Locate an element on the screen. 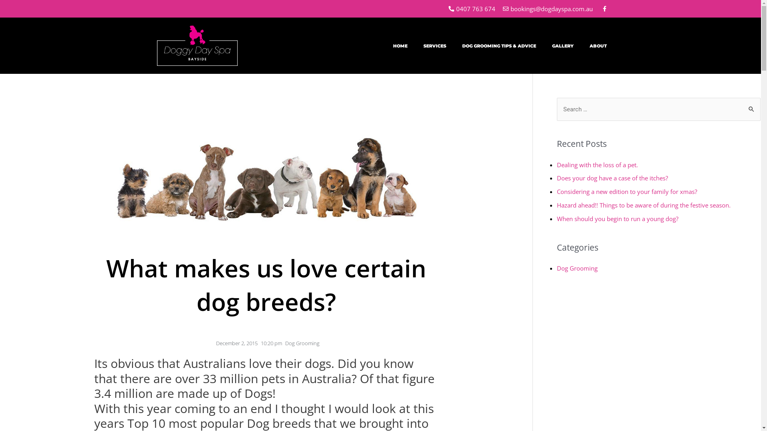 The width and height of the screenshot is (767, 431). 'Dealing with the loss of a pet.' is located at coordinates (597, 164).